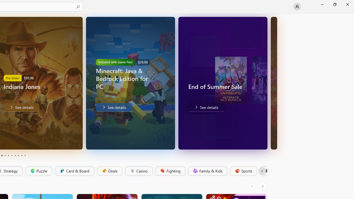 The height and width of the screenshot is (199, 354). Describe the element at coordinates (38, 171) in the screenshot. I see `'Puzzle'` at that location.